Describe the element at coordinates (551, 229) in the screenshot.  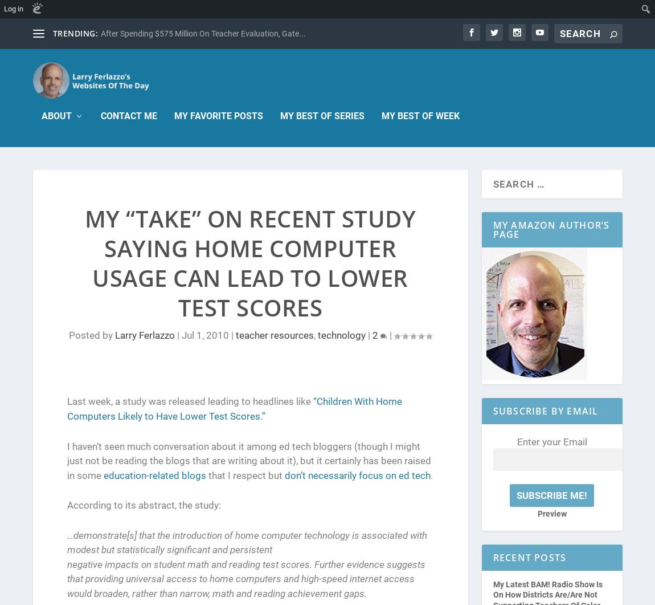
I see `'My Amazon Author’s page'` at that location.